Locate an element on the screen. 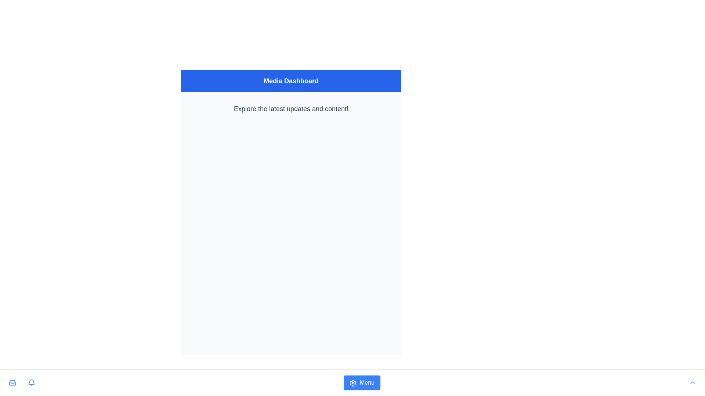 The image size is (705, 396). the blue inbox tray icon button located in the bottom-left corner of the interface is located at coordinates (12, 382).